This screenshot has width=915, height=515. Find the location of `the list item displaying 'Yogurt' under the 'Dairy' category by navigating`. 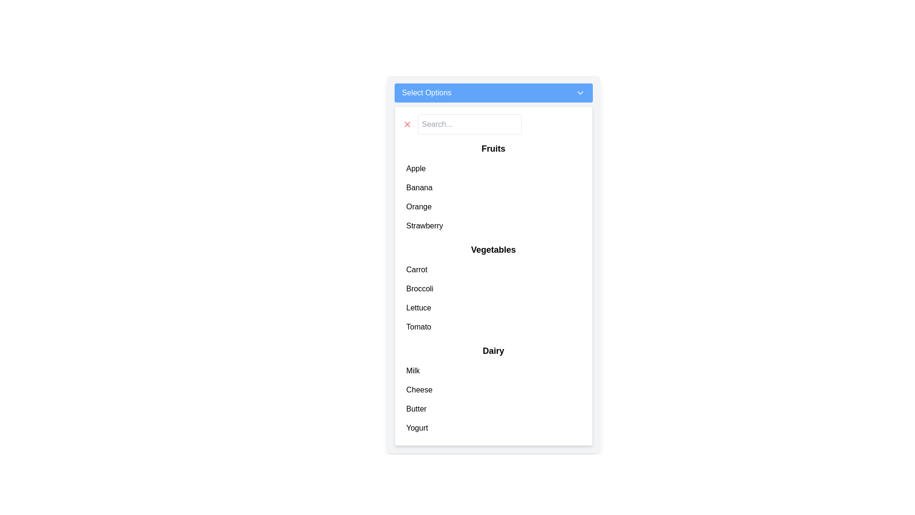

the list item displaying 'Yogurt' under the 'Dairy' category by navigating is located at coordinates (493, 428).